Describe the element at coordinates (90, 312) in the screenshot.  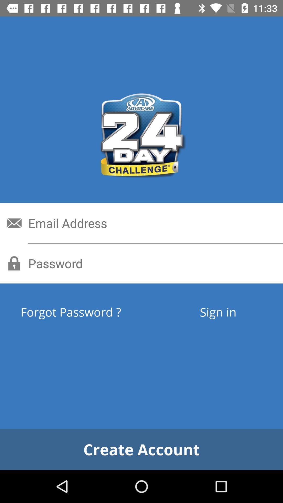
I see `the forgot password ? item` at that location.